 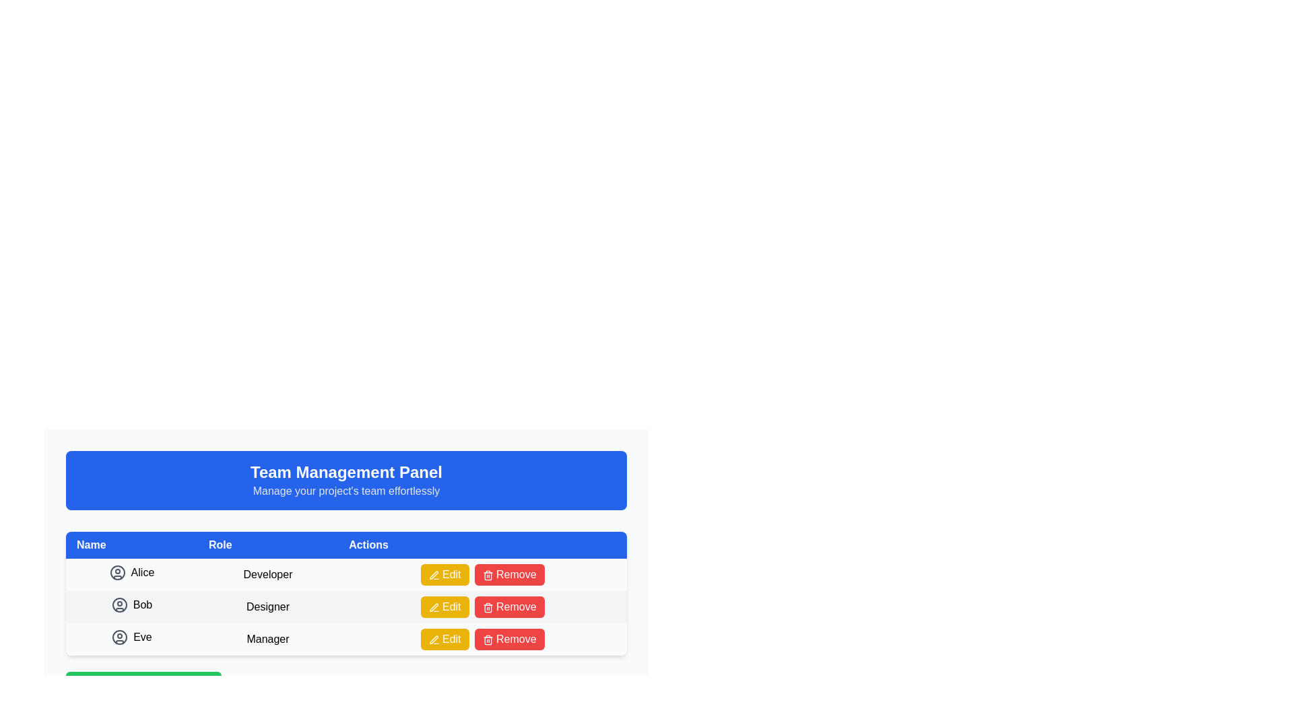 What do you see at coordinates (268, 607) in the screenshot?
I see `the 'Designer' text label for 'Bob' in the second row of the table under the 'Role' column` at bounding box center [268, 607].